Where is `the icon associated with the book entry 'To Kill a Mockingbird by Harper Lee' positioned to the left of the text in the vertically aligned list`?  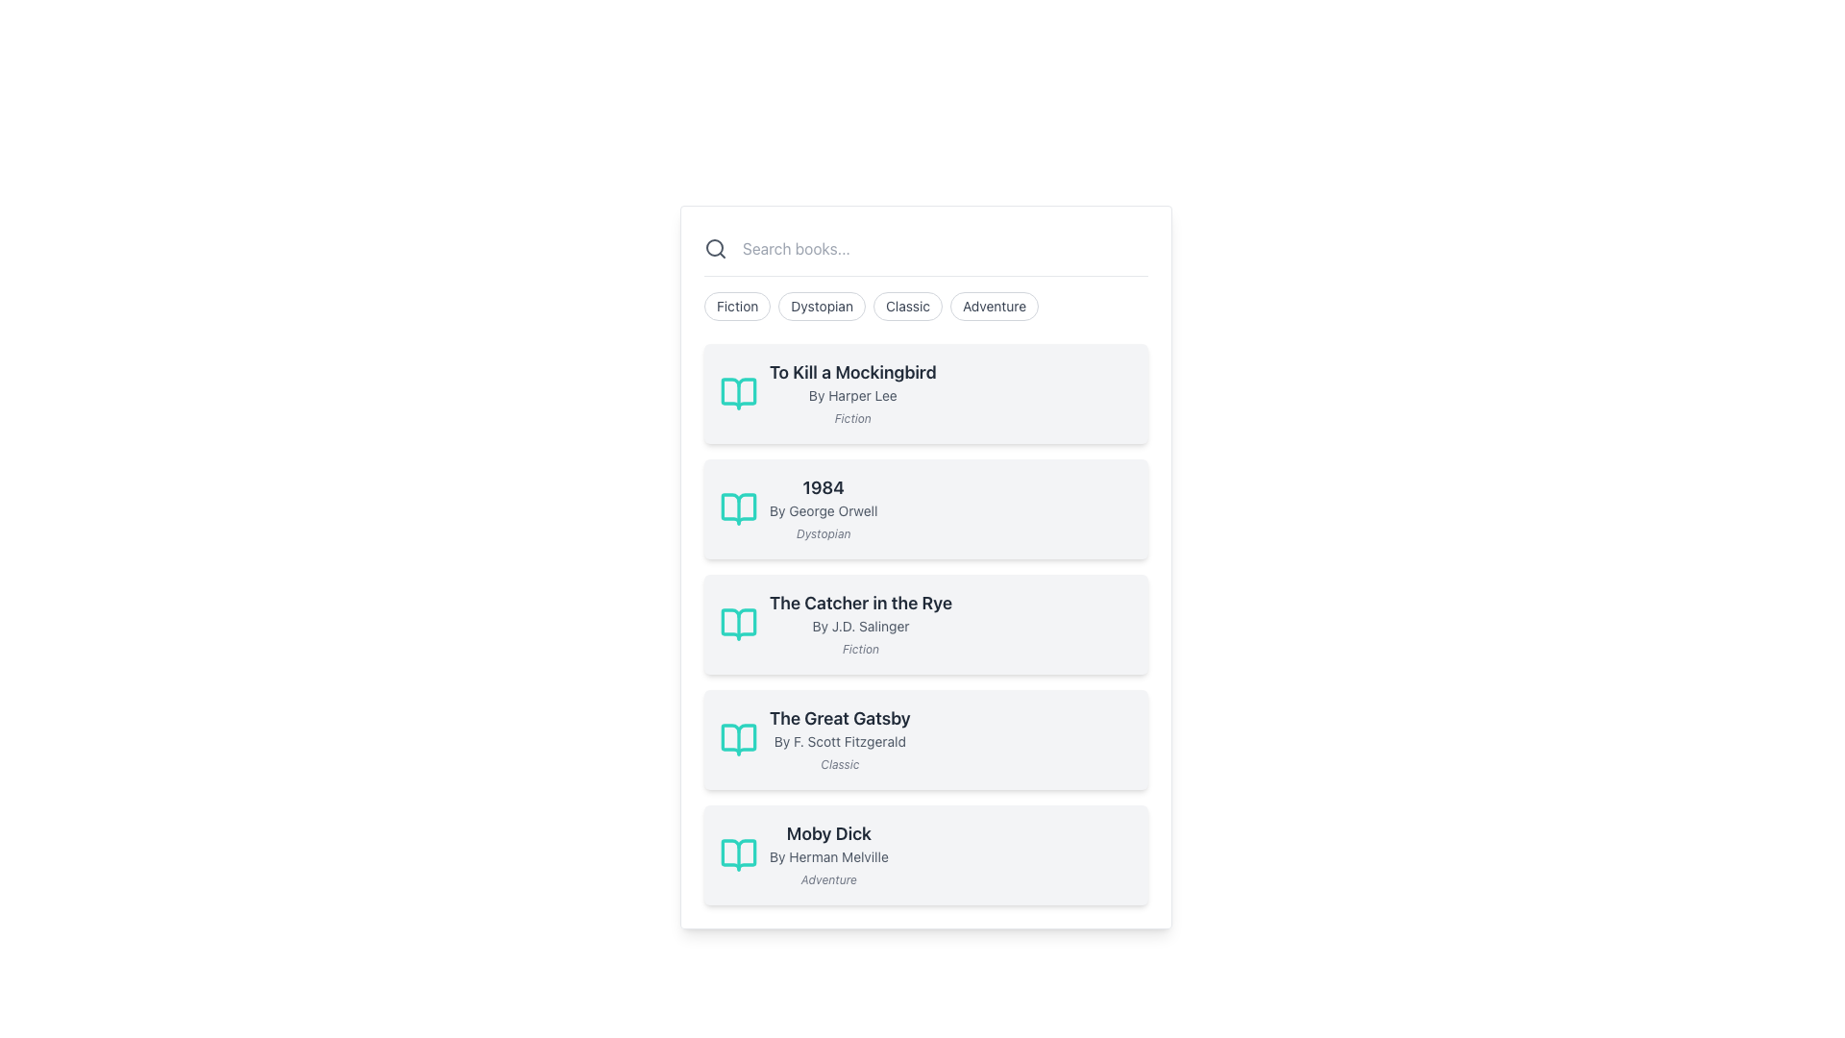
the icon associated with the book entry 'To Kill a Mockingbird by Harper Lee' positioned to the left of the text in the vertically aligned list is located at coordinates (737, 392).